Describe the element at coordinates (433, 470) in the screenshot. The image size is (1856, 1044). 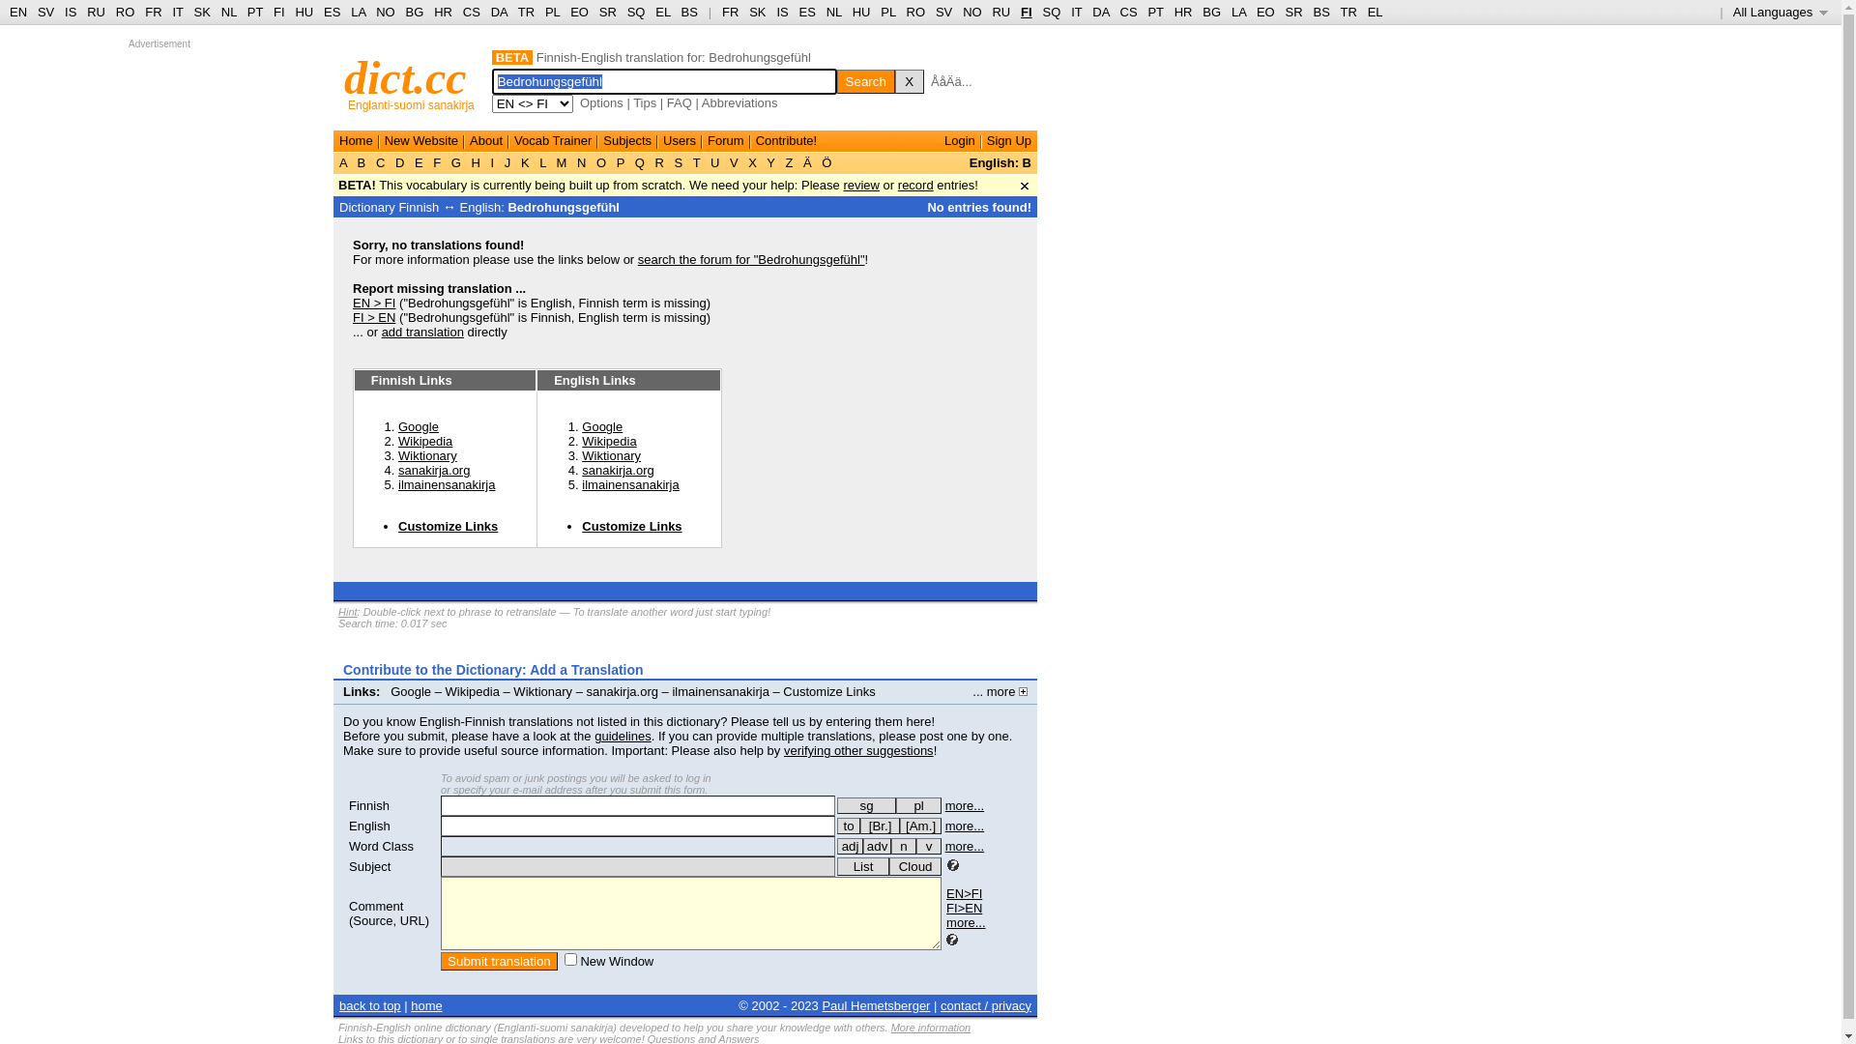
I see `'sanakirja.org'` at that location.